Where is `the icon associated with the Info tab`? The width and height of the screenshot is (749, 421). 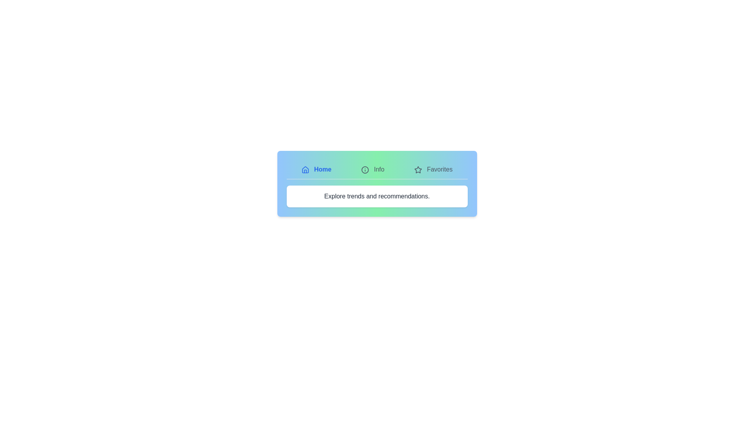
the icon associated with the Info tab is located at coordinates (365, 169).